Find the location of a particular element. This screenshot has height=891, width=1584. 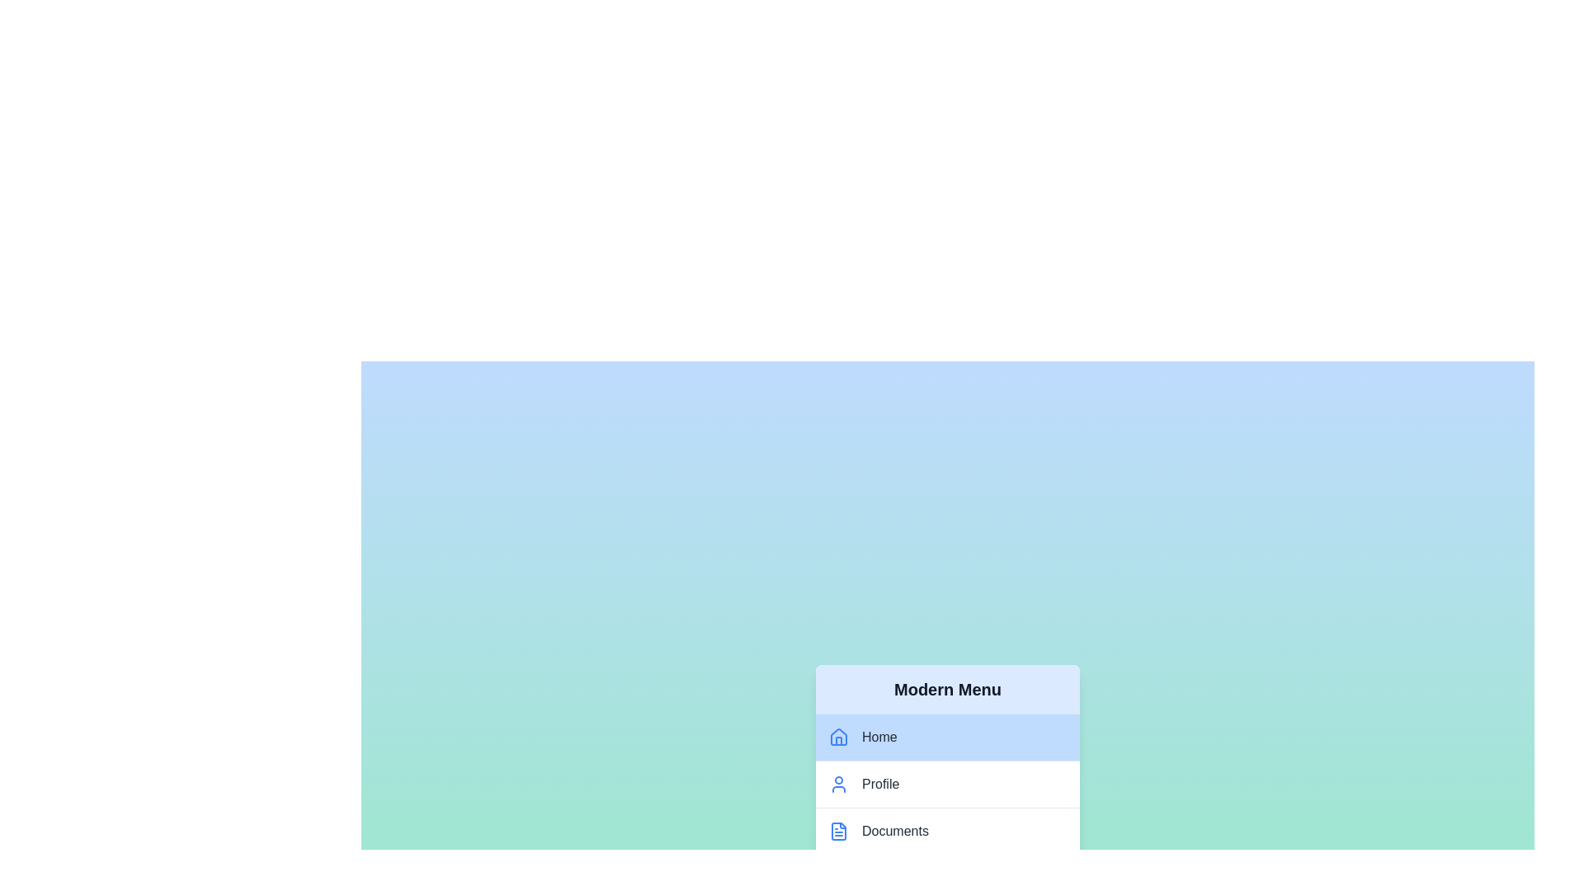

the menu item labeled Documents to observe the hover effect is located at coordinates (947, 831).